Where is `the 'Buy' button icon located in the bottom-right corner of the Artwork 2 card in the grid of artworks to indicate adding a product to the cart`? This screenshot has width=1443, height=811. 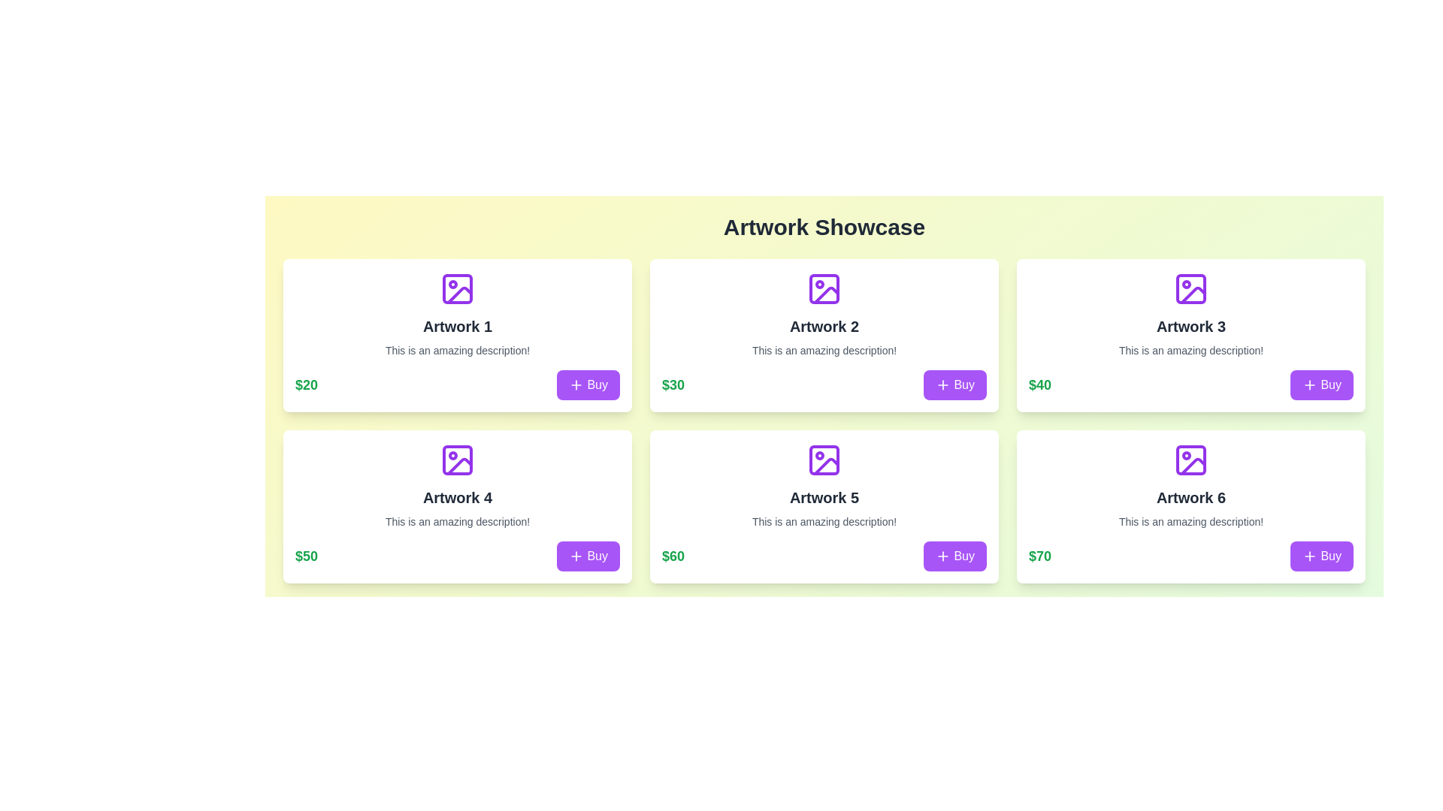
the 'Buy' button icon located in the bottom-right corner of the Artwork 2 card in the grid of artworks to indicate adding a product to the cart is located at coordinates (942, 384).